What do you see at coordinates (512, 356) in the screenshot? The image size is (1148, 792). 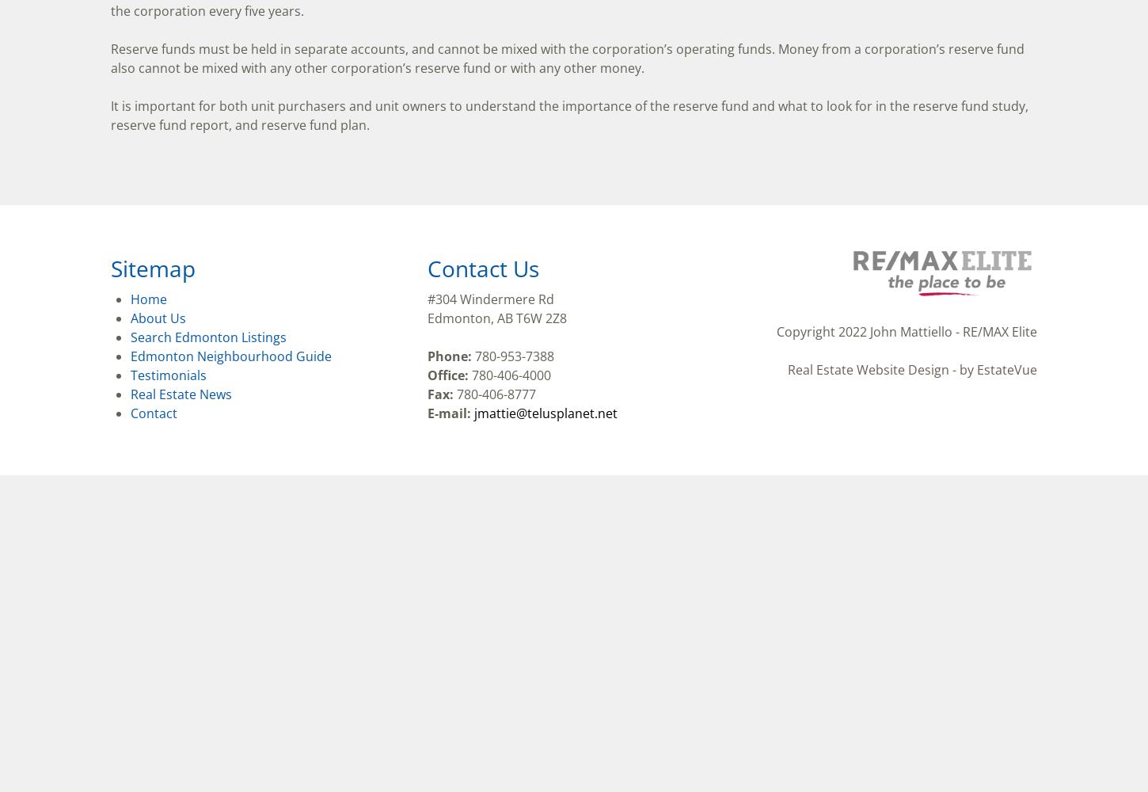 I see `'780-953-7388'` at bounding box center [512, 356].